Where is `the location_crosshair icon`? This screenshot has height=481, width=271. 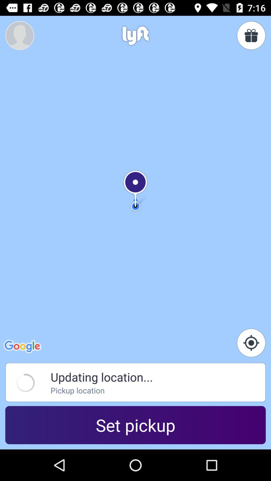 the location_crosshair icon is located at coordinates (251, 342).